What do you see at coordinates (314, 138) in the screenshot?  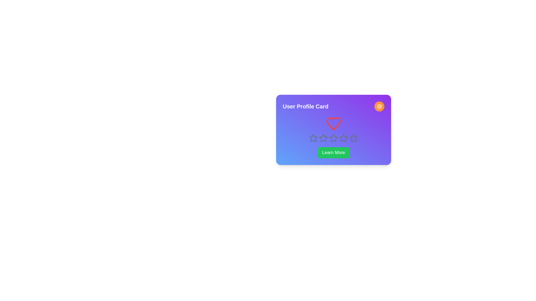 I see `the first star icon from the left in the row of five stars below the heart icon to rate it` at bounding box center [314, 138].